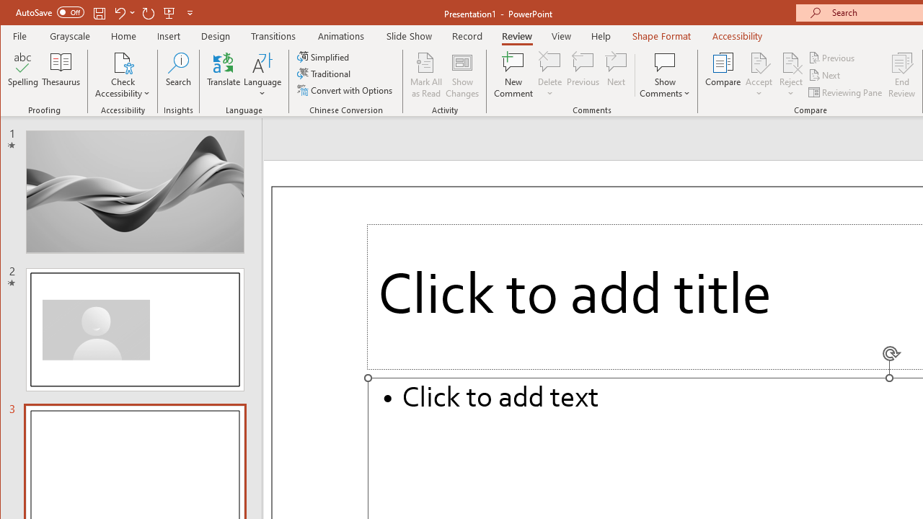 This screenshot has width=923, height=519. I want to click on 'Reject Change', so click(790, 61).